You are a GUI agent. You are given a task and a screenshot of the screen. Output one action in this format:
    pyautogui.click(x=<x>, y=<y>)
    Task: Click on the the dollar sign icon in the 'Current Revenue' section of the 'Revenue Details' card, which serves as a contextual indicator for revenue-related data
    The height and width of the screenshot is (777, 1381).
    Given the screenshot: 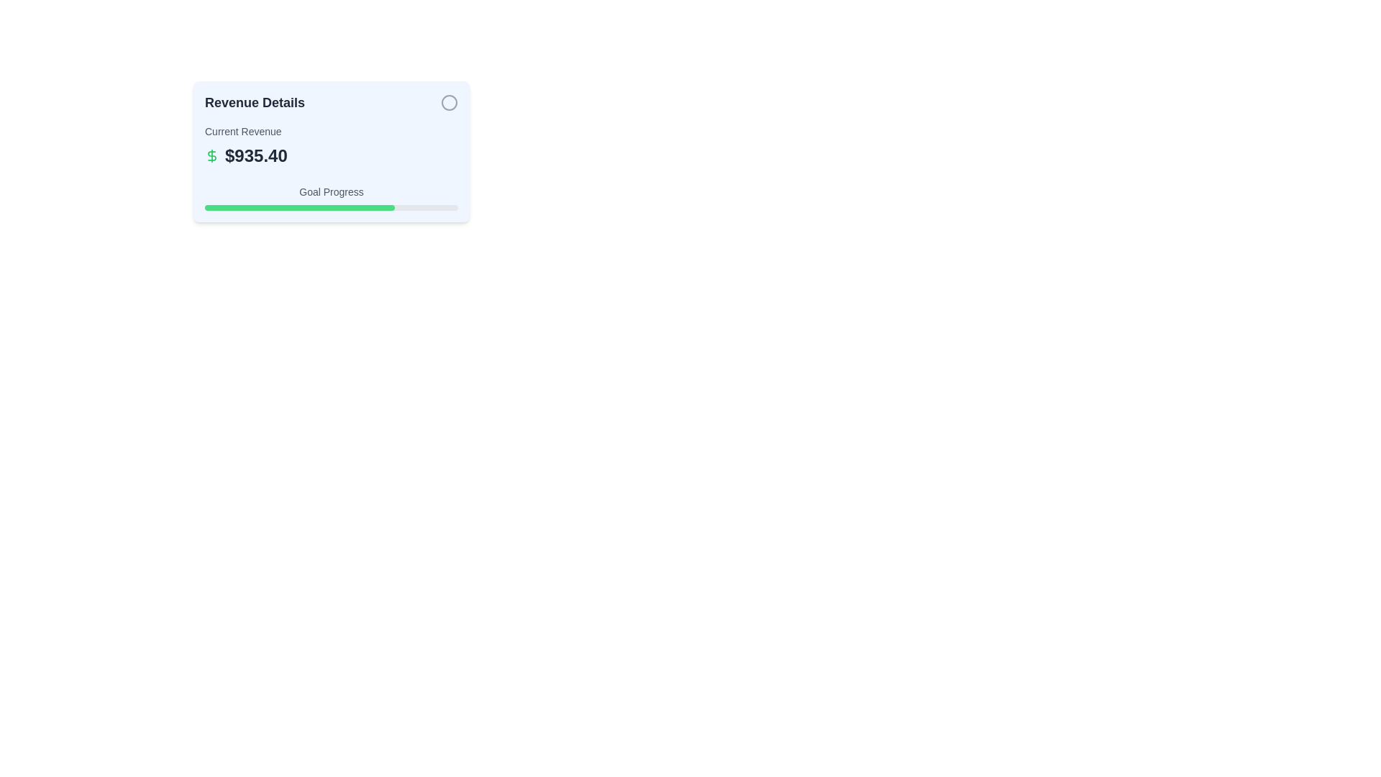 What is the action you would take?
    pyautogui.click(x=211, y=155)
    